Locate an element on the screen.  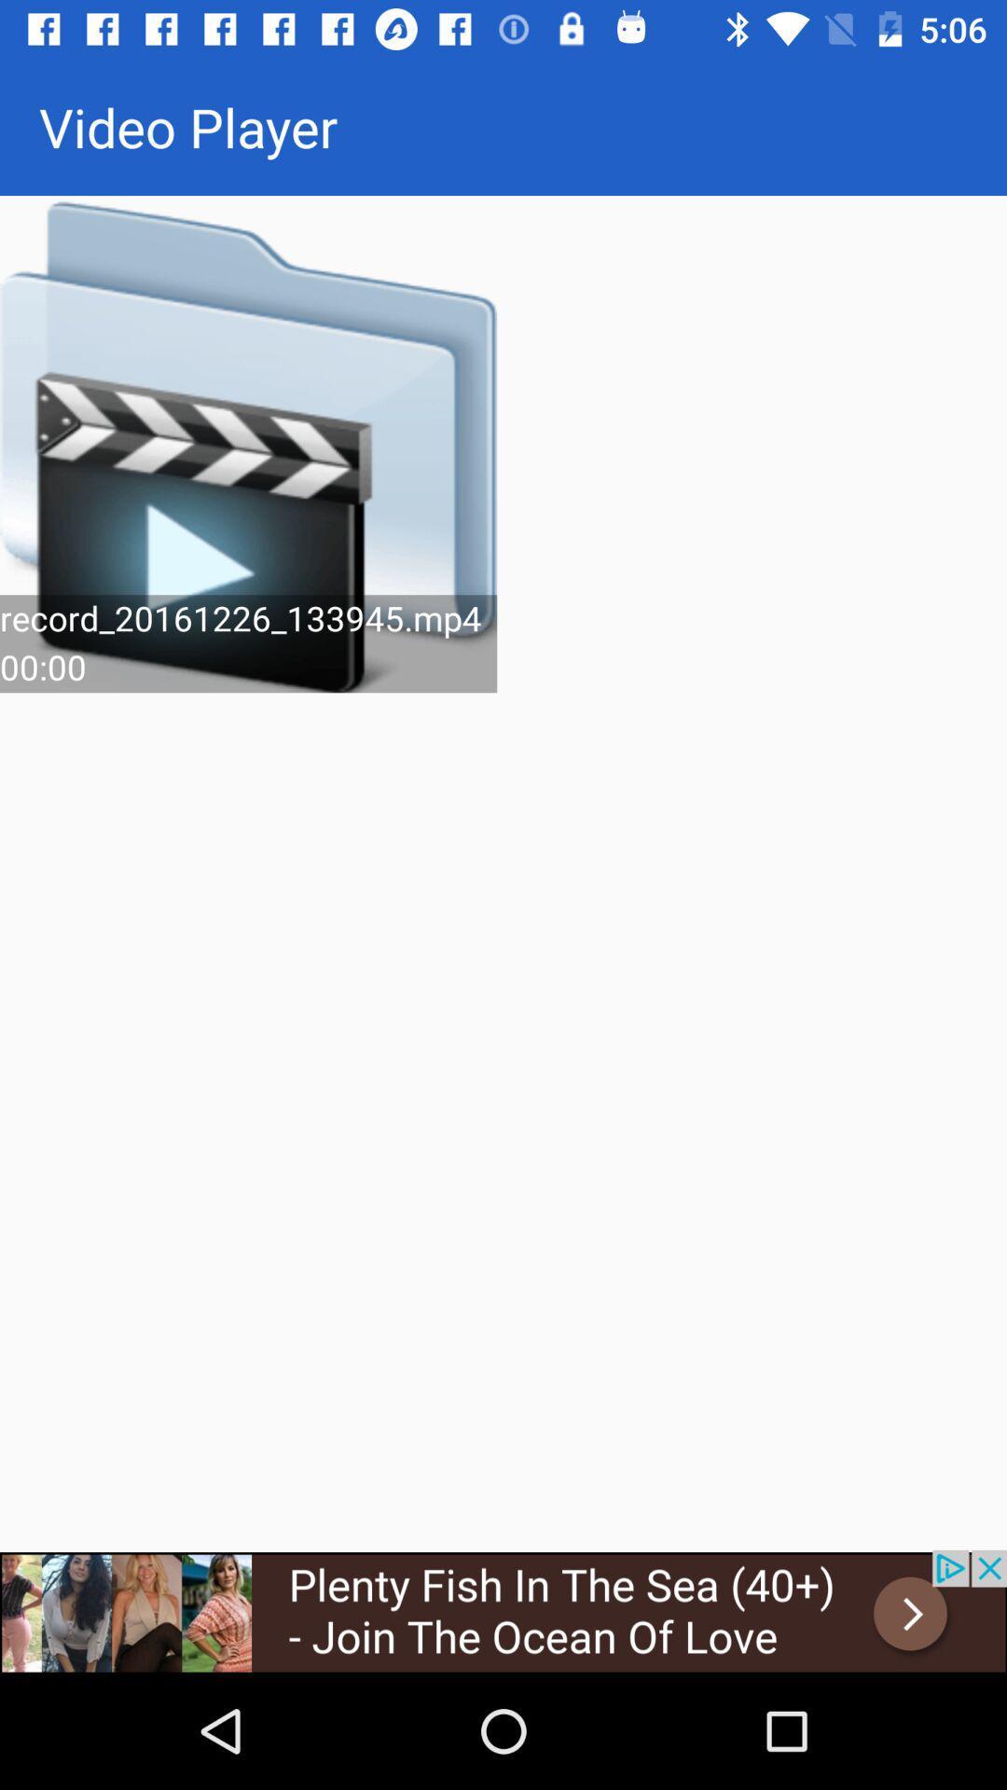
advertisement is located at coordinates (504, 1610).